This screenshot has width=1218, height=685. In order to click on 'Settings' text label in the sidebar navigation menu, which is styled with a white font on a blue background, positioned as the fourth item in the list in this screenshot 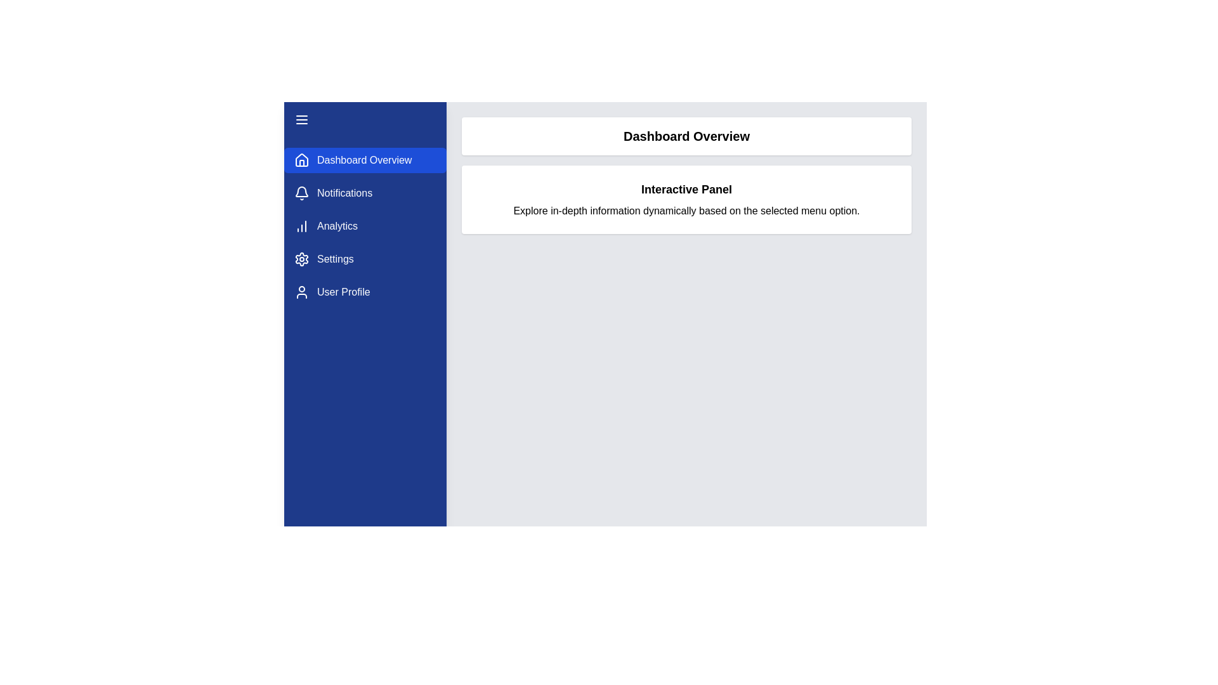, I will do `click(335, 258)`.